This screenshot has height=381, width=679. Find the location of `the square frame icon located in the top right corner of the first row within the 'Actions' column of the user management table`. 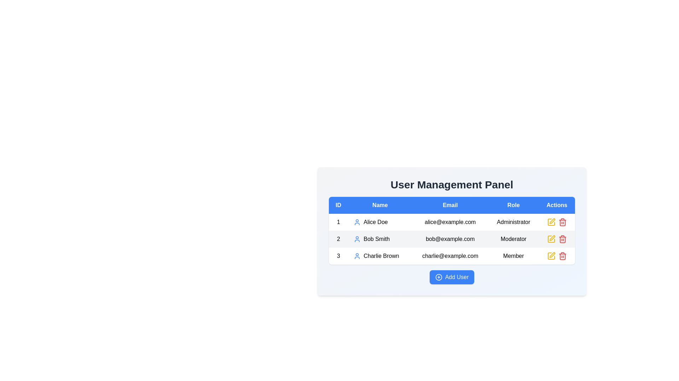

the square frame icon located in the top right corner of the first row within the 'Actions' column of the user management table is located at coordinates (551, 222).